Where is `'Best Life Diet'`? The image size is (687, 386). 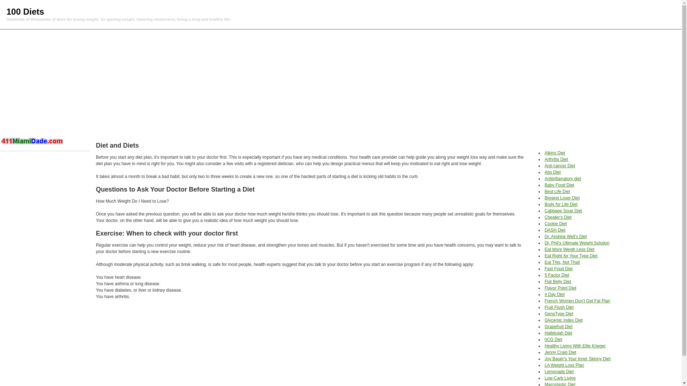
'Best Life Diet' is located at coordinates (557, 191).